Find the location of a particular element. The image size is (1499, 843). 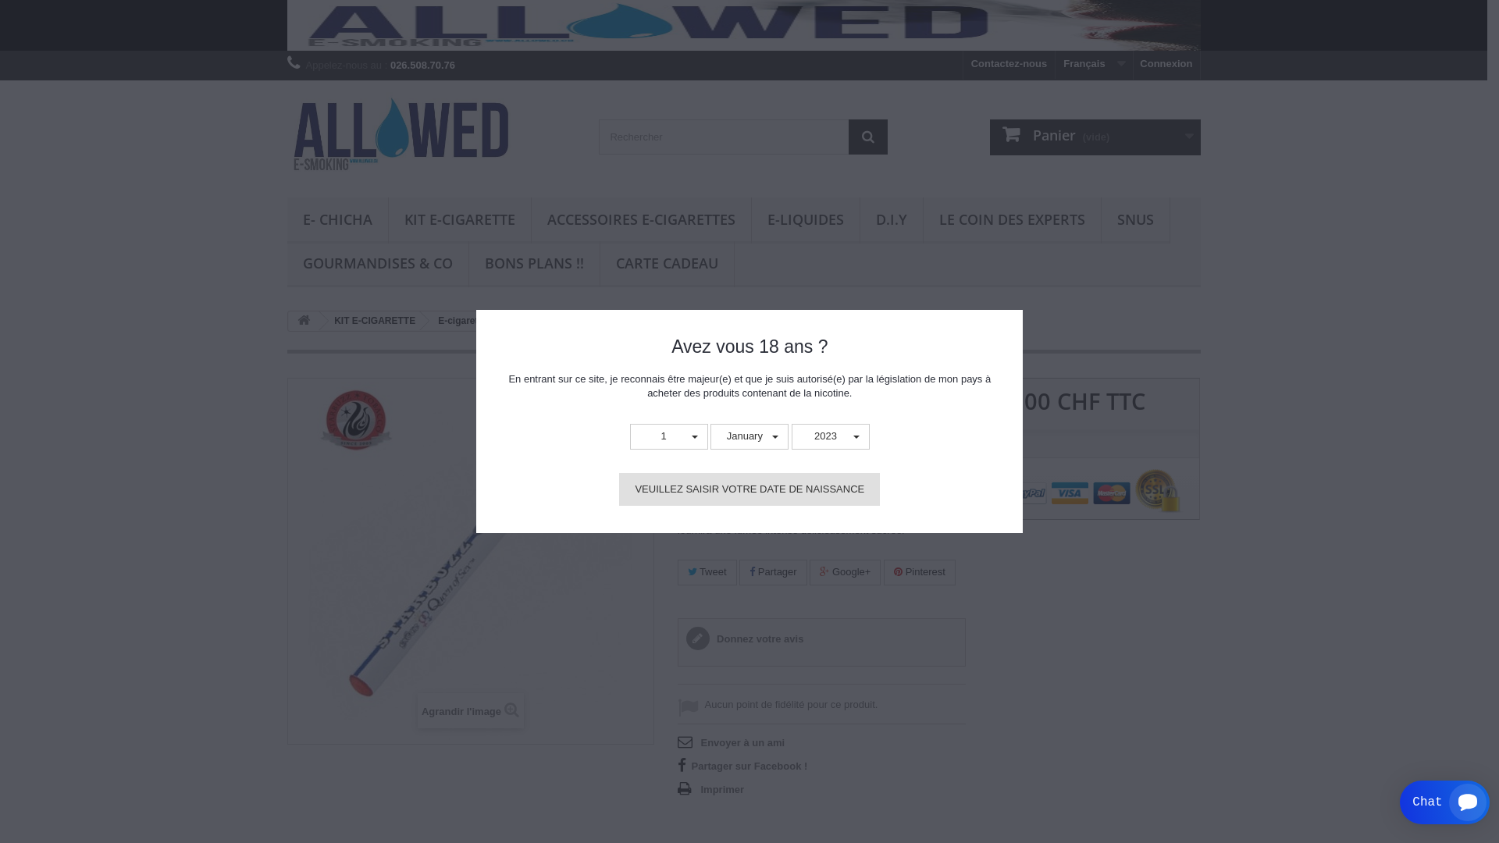

'Tweet' is located at coordinates (678, 572).